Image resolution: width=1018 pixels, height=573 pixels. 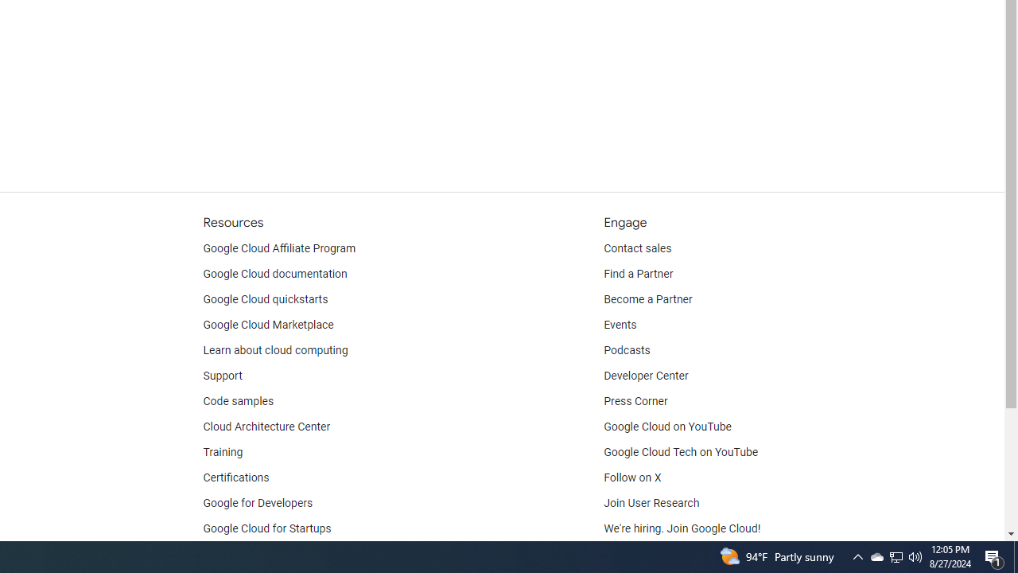 I want to click on 'Follow on X', so click(x=631, y=477).